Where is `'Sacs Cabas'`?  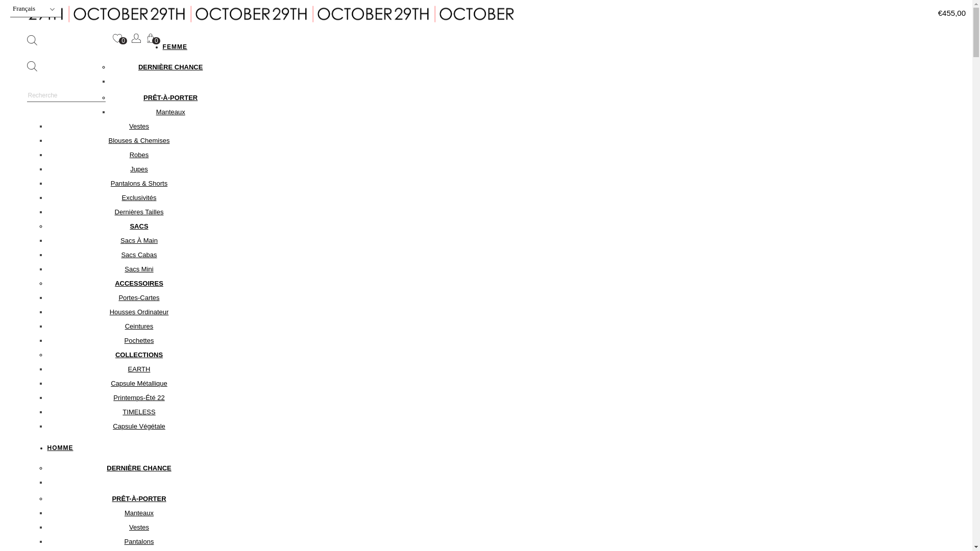
'Sacs Cabas' is located at coordinates (138, 254).